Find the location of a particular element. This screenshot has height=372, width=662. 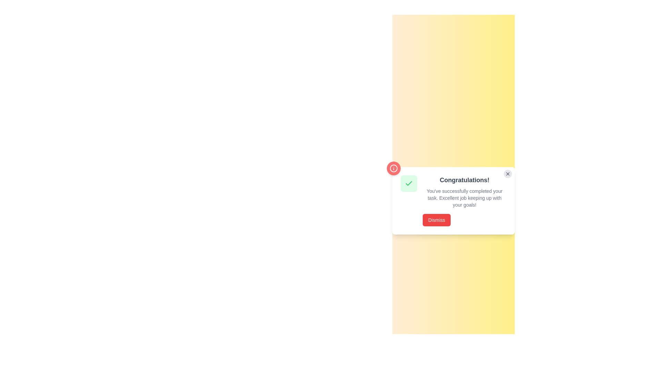

the red button located in the bottom-right corner of the dialog box to observe the color change is located at coordinates (436, 220).